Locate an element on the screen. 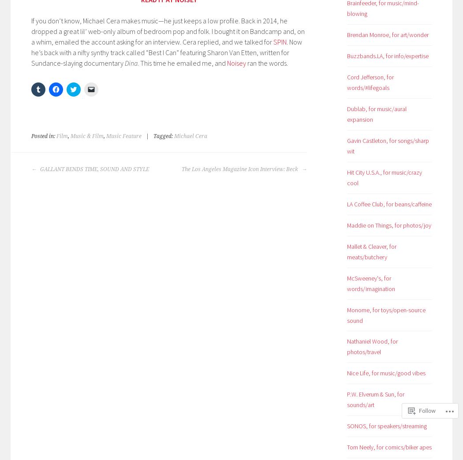 Image resolution: width=463 pixels, height=460 pixels. 'Michael Cera' is located at coordinates (174, 135).